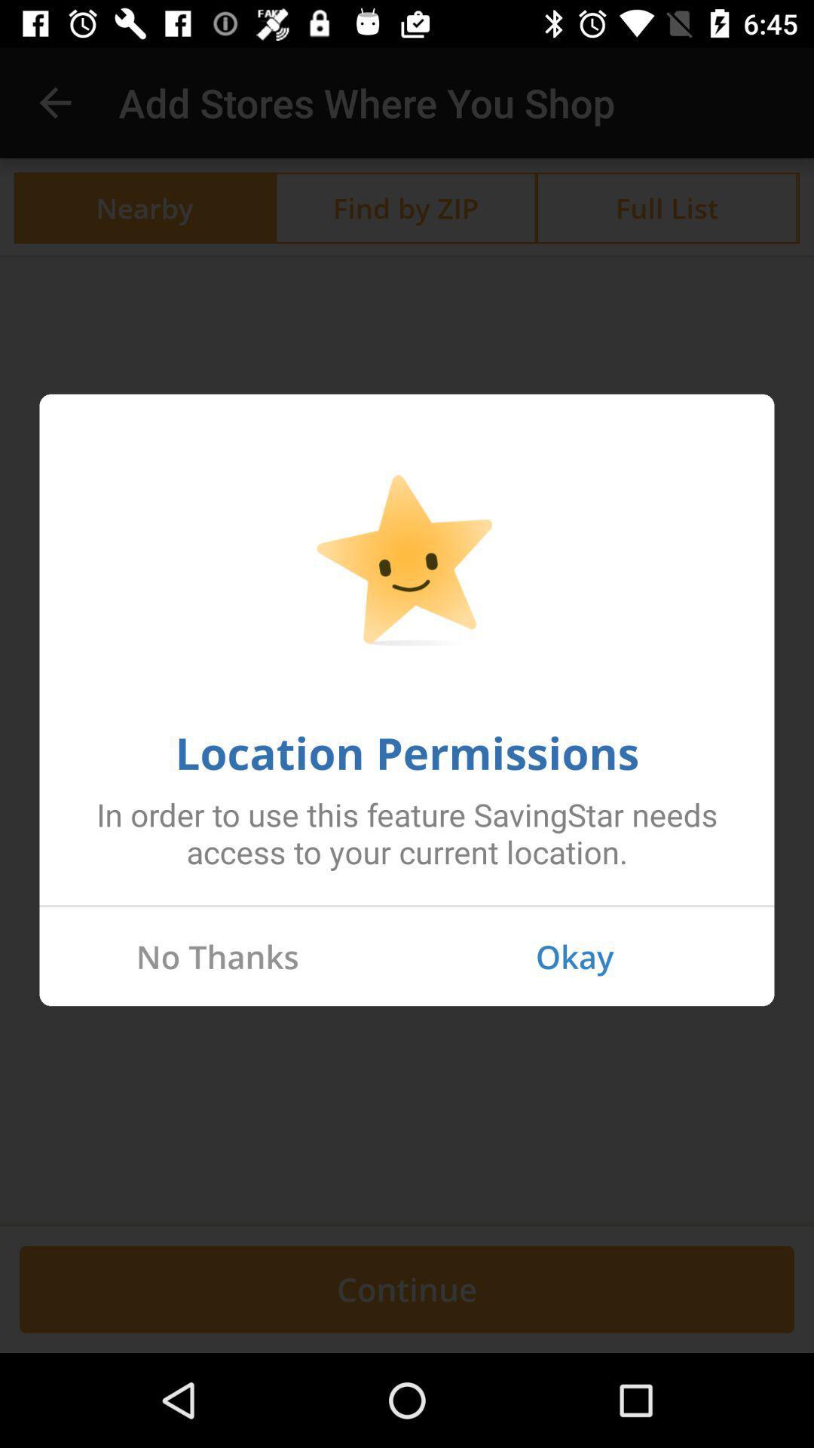 This screenshot has width=814, height=1448. Describe the element at coordinates (407, 905) in the screenshot. I see `the item below the in order to icon` at that location.